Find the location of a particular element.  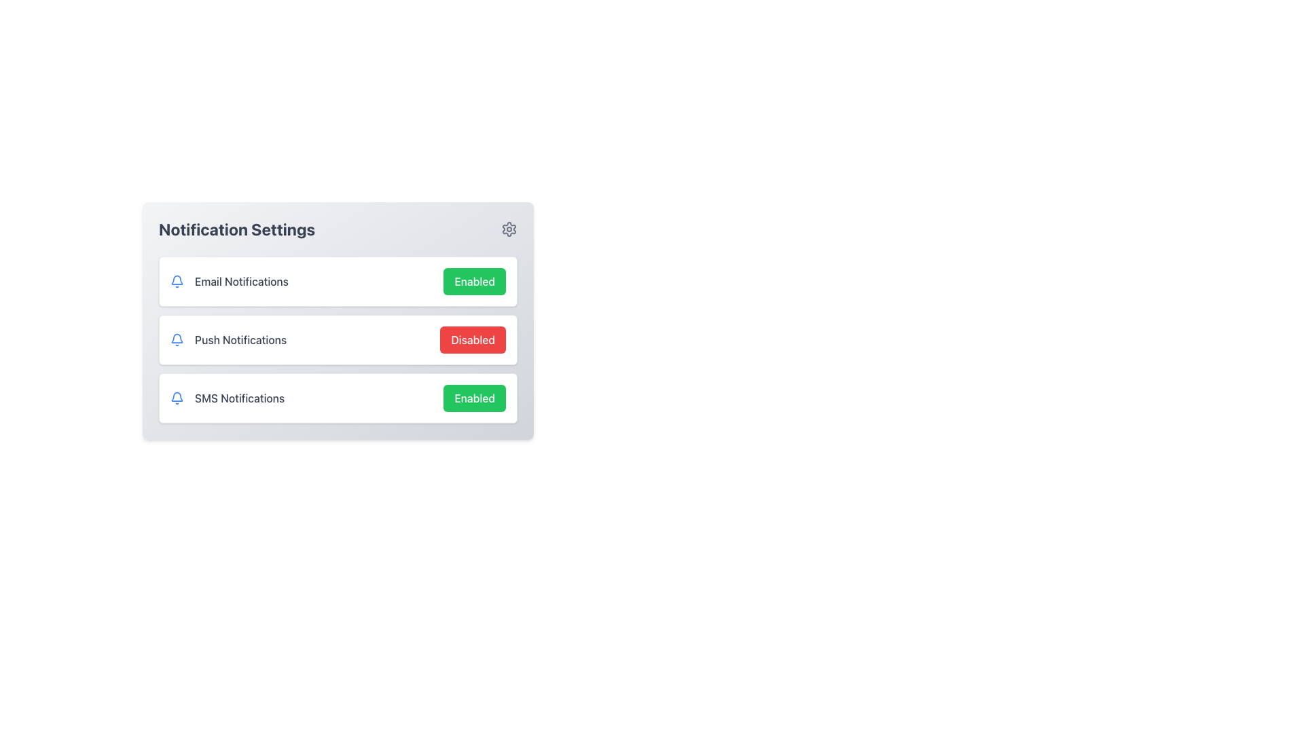

the text label that identifies the SMS notification setting, positioned to the right of the bell icon in the bottom notification settings row is located at coordinates (240, 397).